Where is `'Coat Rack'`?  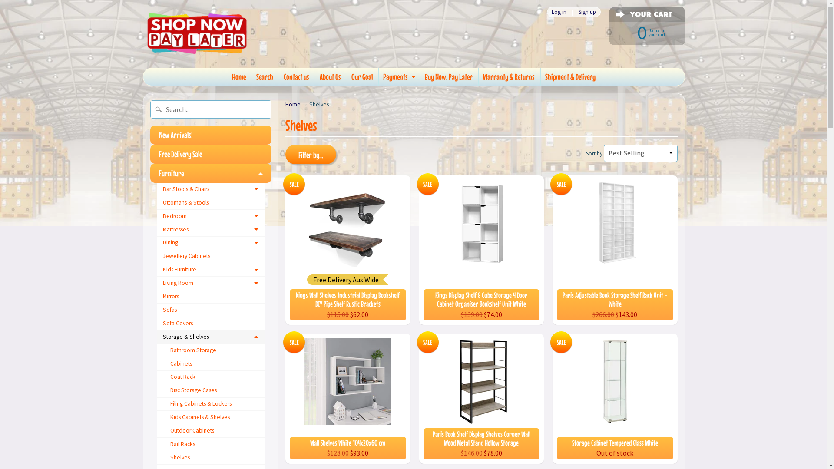
'Coat Rack' is located at coordinates (211, 377).